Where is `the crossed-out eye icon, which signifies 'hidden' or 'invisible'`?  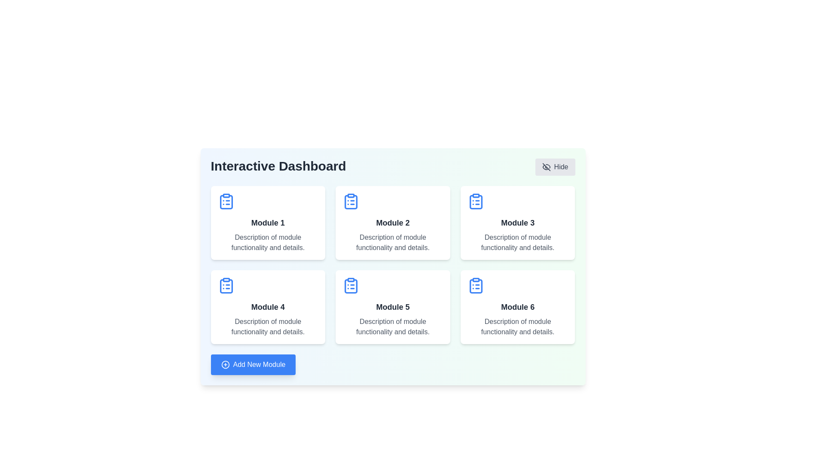
the crossed-out eye icon, which signifies 'hidden' or 'invisible' is located at coordinates (546, 167).